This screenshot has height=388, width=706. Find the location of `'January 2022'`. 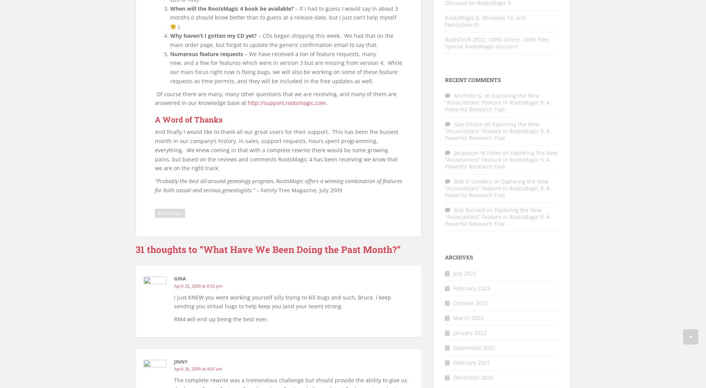

'January 2022' is located at coordinates (469, 332).